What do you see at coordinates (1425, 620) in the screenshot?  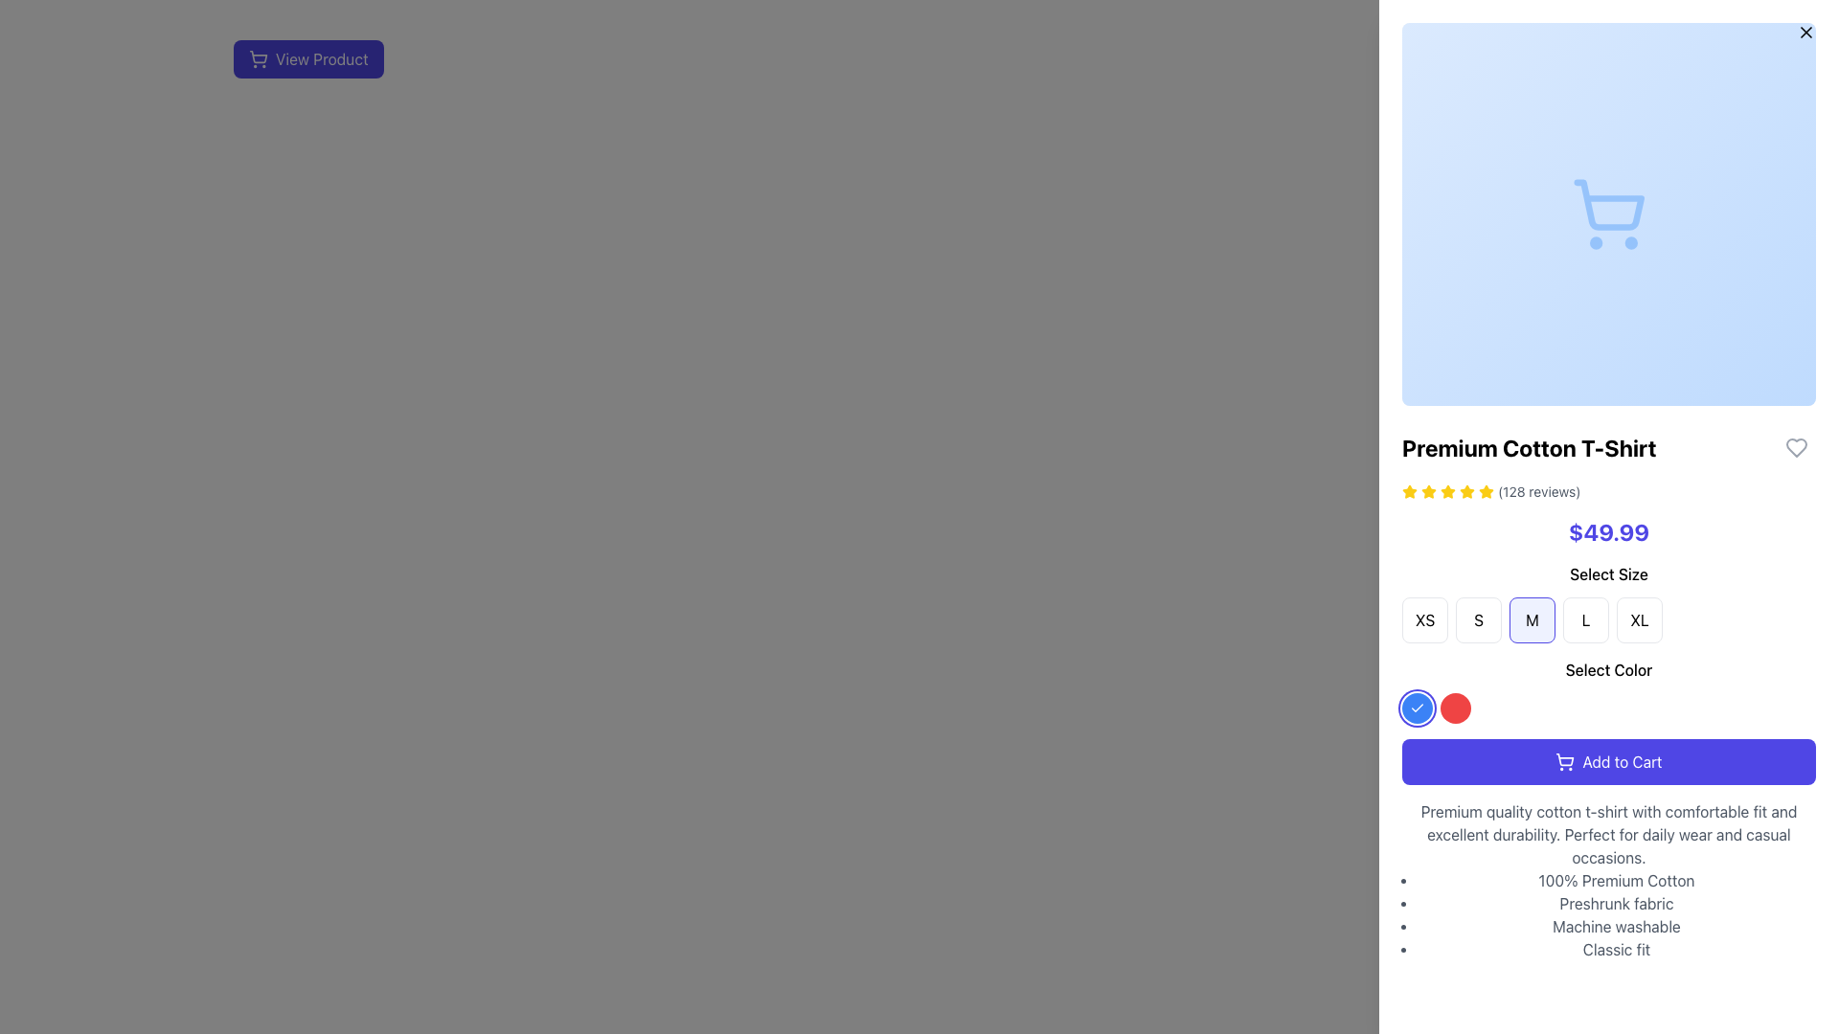 I see `the 'XS' size selection button, which is the first button in a horizontal row of size options for the product` at bounding box center [1425, 620].